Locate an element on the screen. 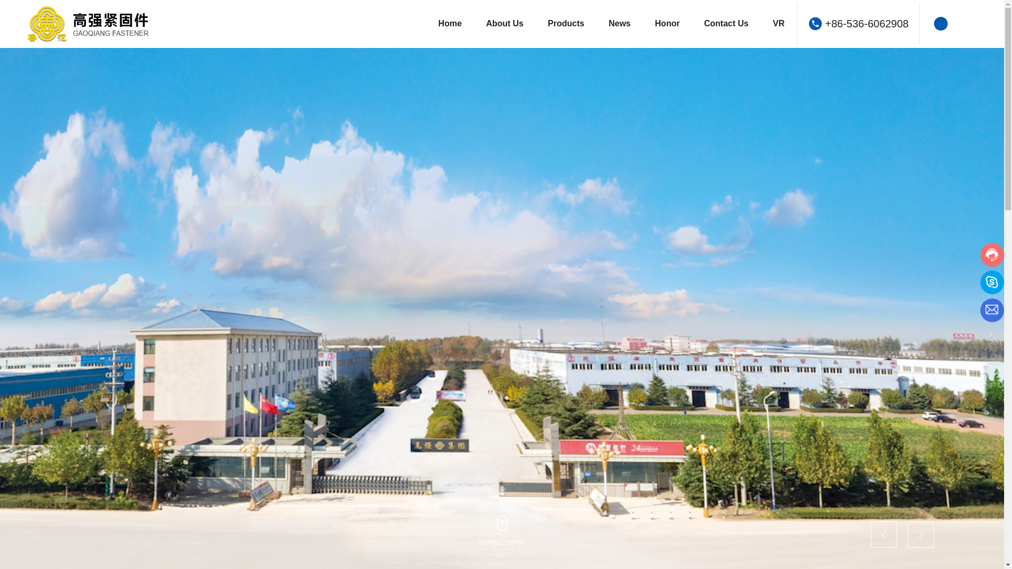 This screenshot has height=569, width=1012. 'VR' is located at coordinates (779, 24).